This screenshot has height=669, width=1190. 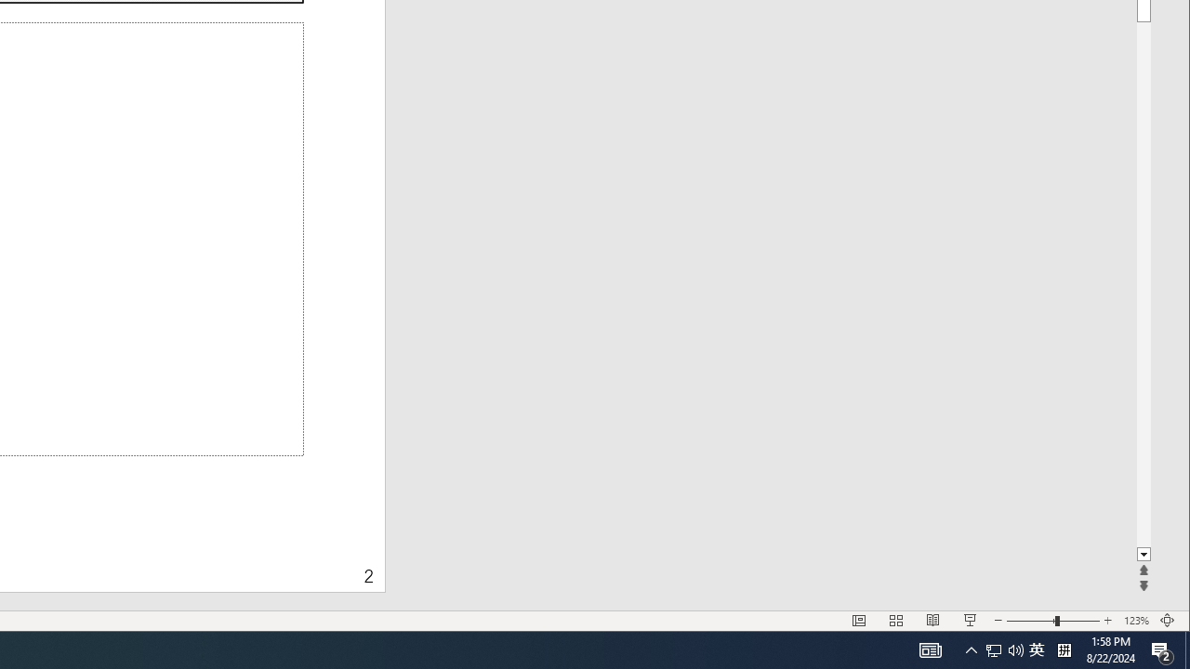 What do you see at coordinates (1135, 621) in the screenshot?
I see `'Zoom 123%'` at bounding box center [1135, 621].